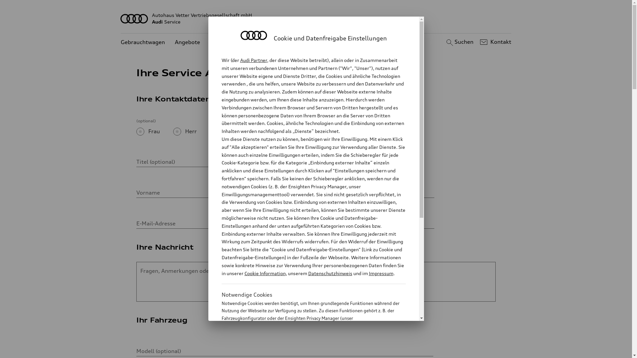 The image size is (637, 358). What do you see at coordinates (229, 42) in the screenshot?
I see `'Kundenservice'` at bounding box center [229, 42].